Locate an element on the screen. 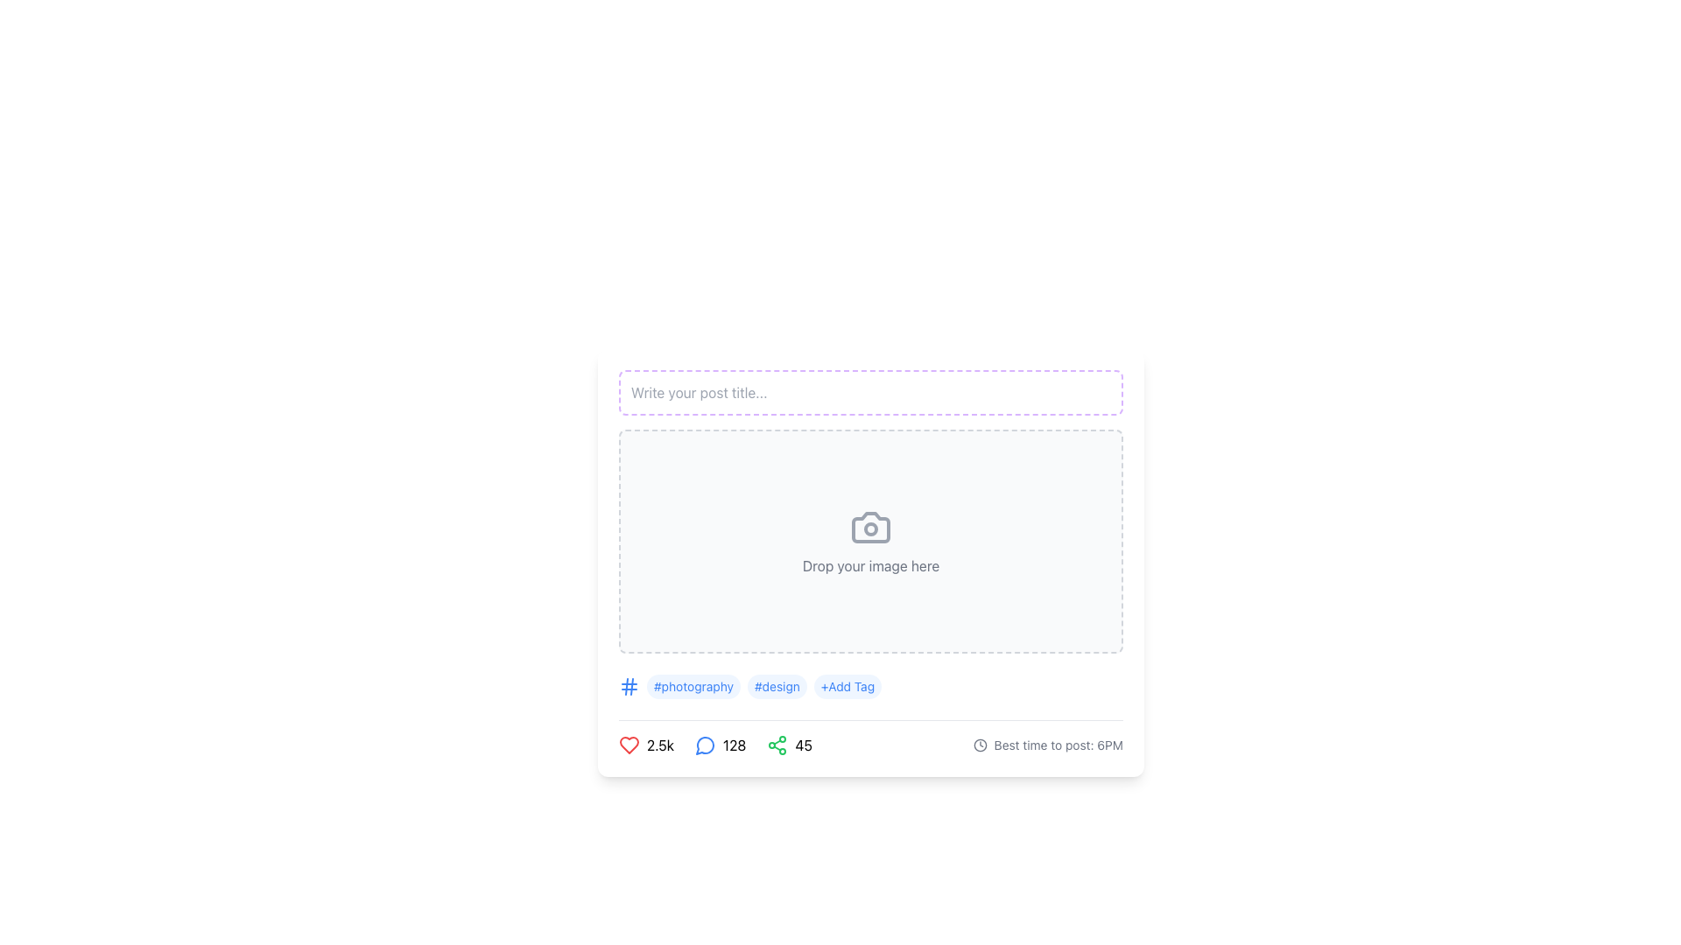 This screenshot has height=945, width=1681. the text label displaying '2.5k', which is located in the bottom-left section of the interface, adjacent to a red heart icon is located at coordinates (659, 745).